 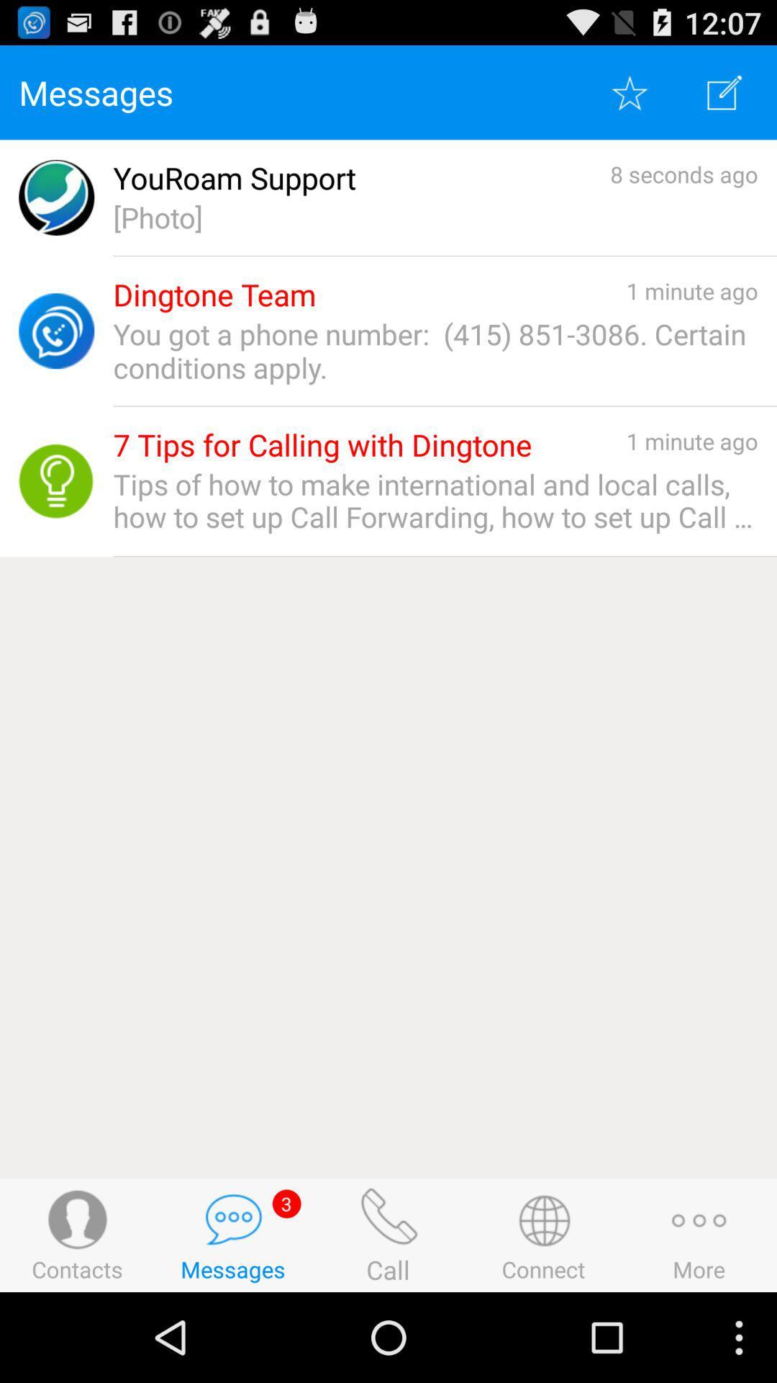 What do you see at coordinates (724, 91) in the screenshot?
I see `change view` at bounding box center [724, 91].